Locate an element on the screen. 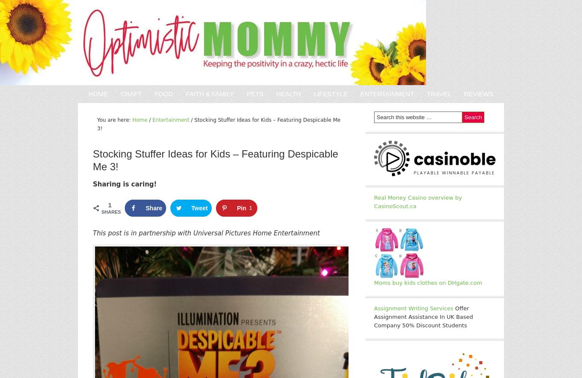 This screenshot has height=378, width=582. 'Craft' is located at coordinates (130, 93).